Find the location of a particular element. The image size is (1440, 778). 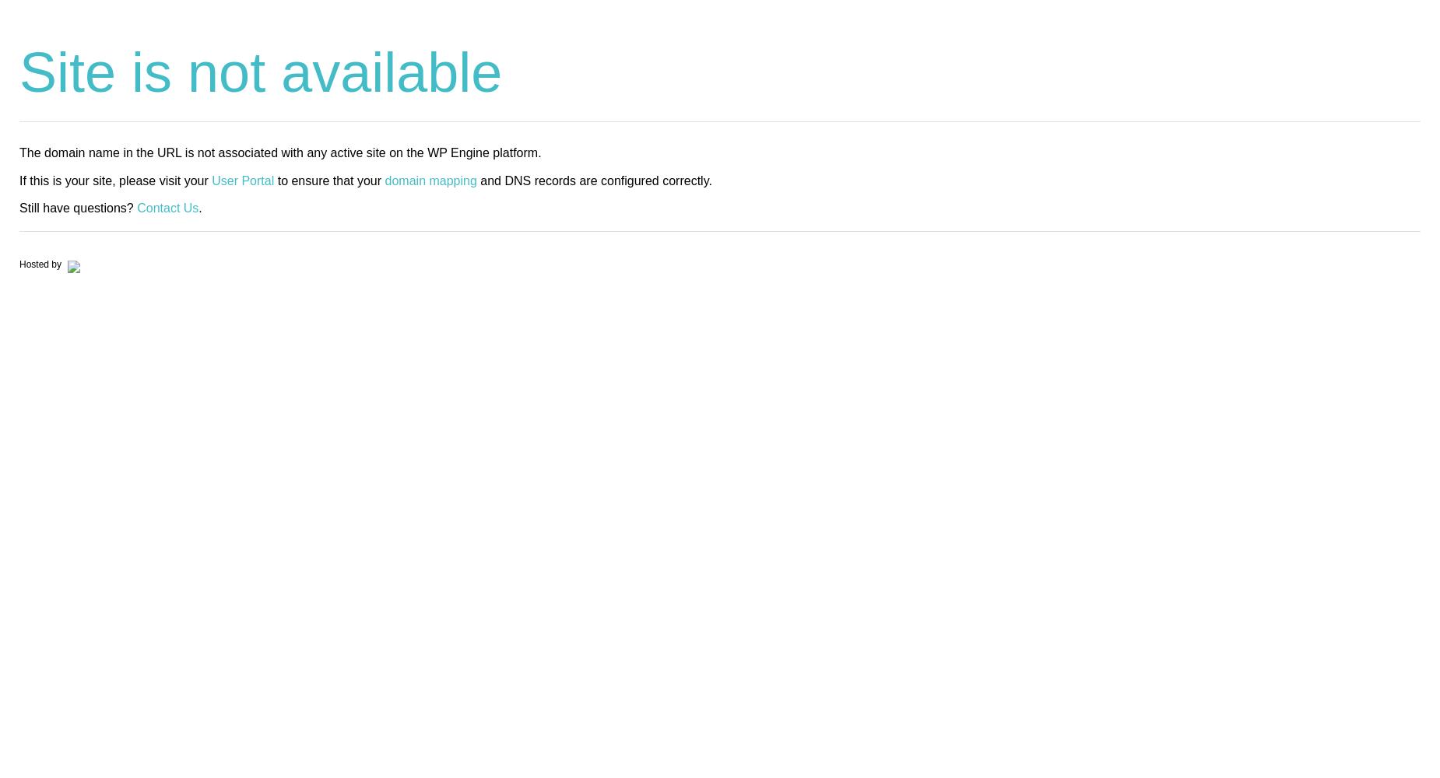

'The domain name in the URL is not associated with any active site on the WP Engine platform.' is located at coordinates (279, 152).